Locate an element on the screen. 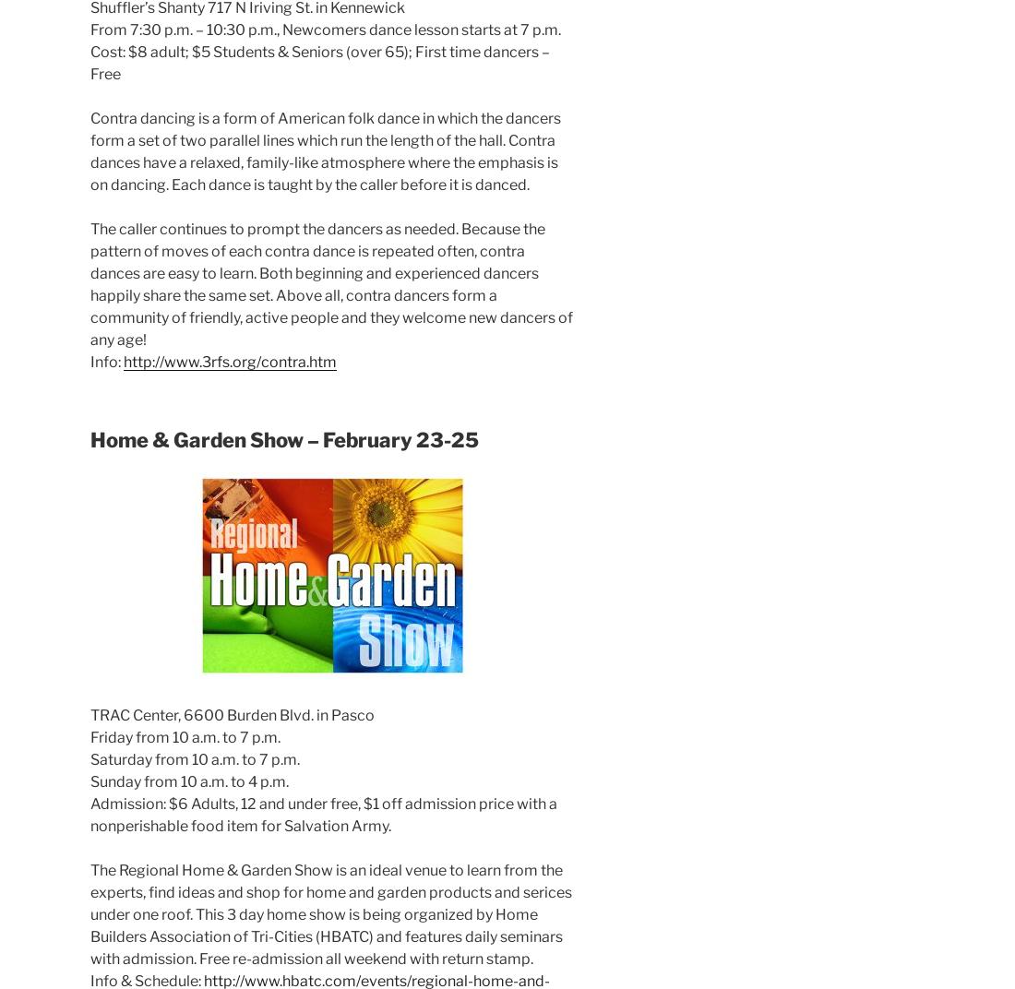 The image size is (1015, 989). 'Sunday from 10 a.m. to 4 p.m.' is located at coordinates (90, 780).